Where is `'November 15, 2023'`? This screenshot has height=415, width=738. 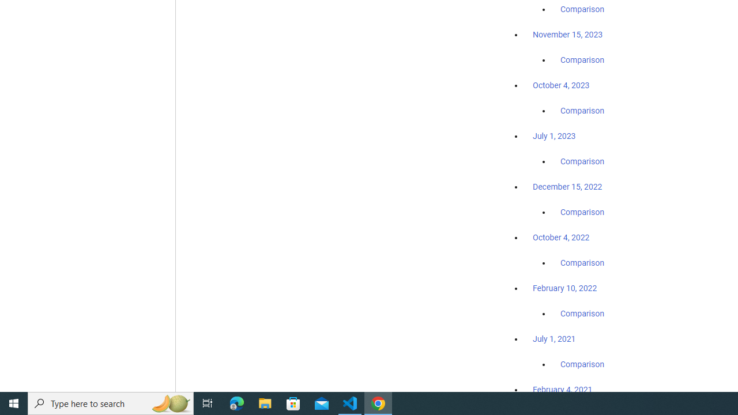
'November 15, 2023' is located at coordinates (567, 34).